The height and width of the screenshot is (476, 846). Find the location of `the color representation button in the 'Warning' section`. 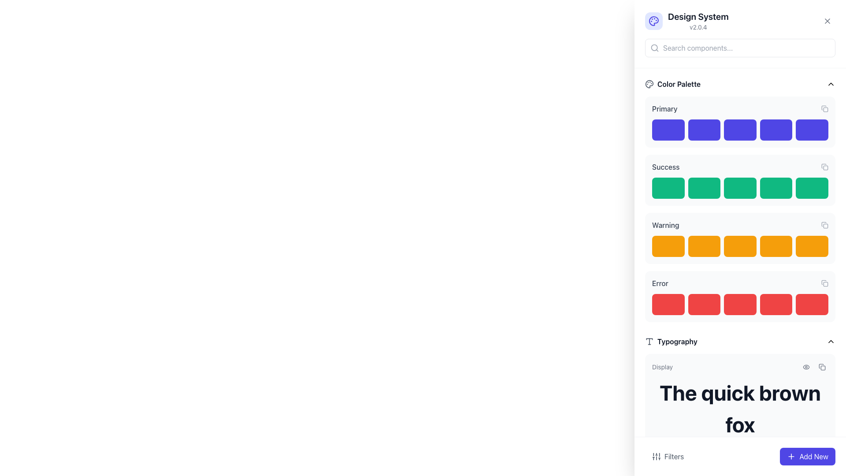

the color representation button in the 'Warning' section is located at coordinates (668, 246).